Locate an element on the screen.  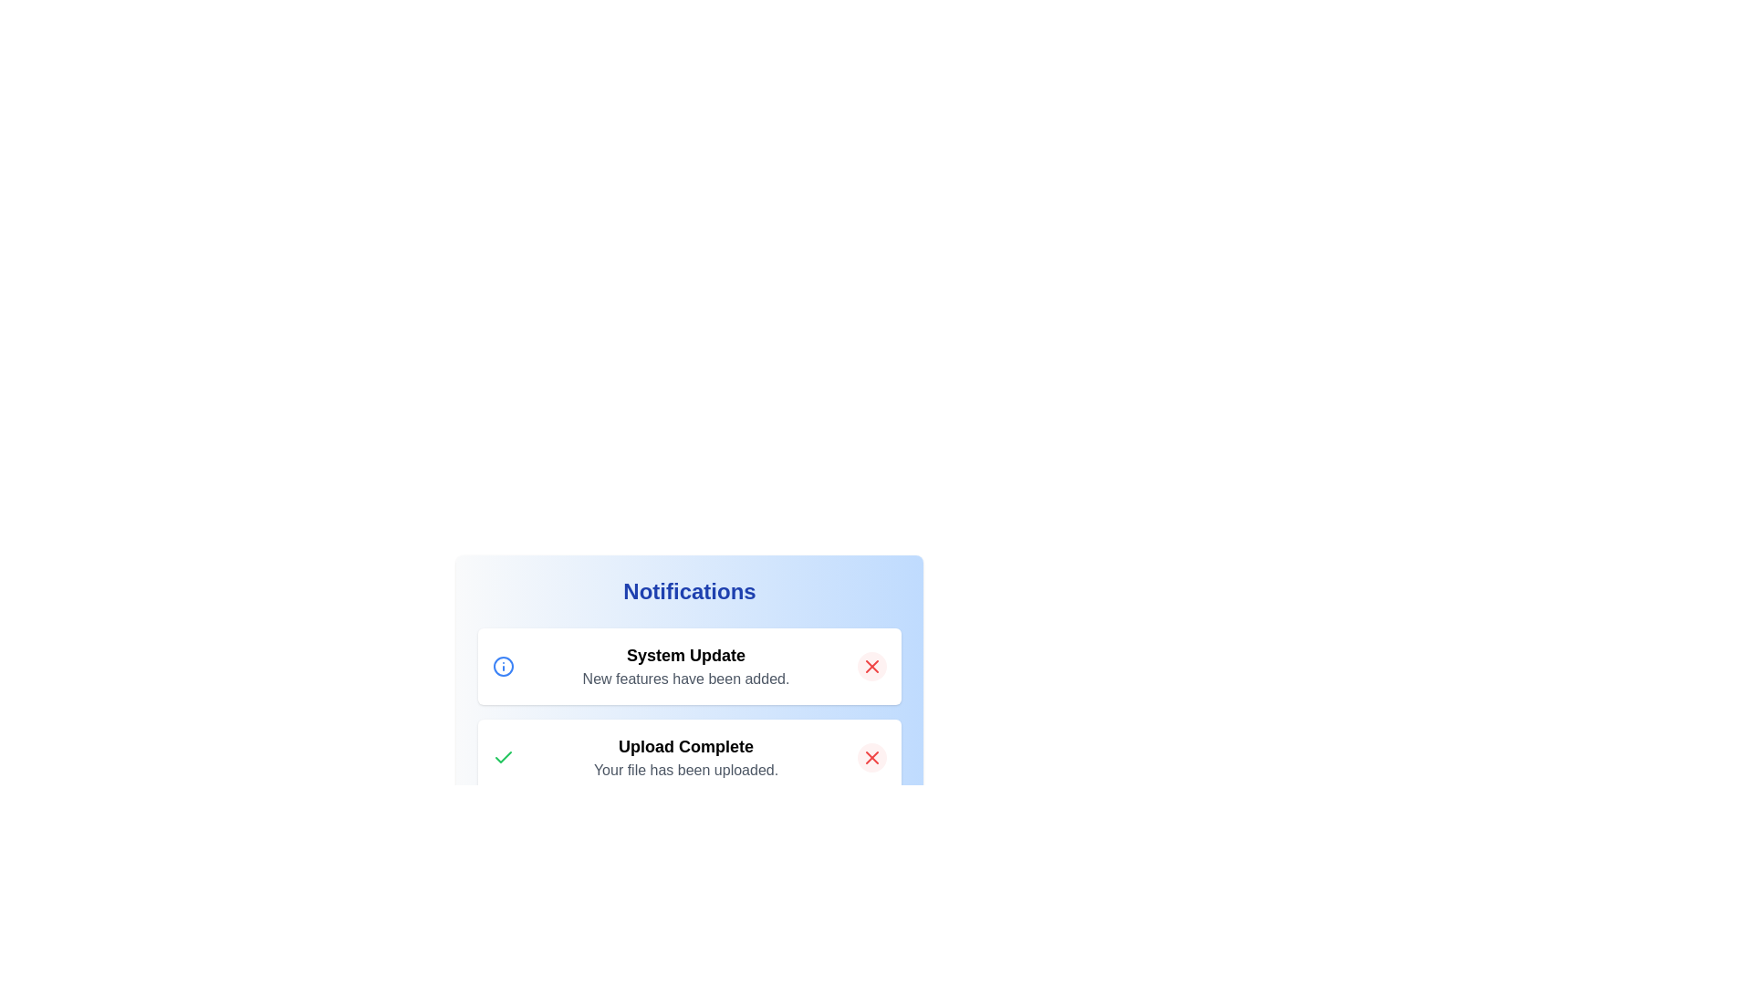
the Close button located at the top-right corner of the 'System Update' notification card is located at coordinates (871, 667).